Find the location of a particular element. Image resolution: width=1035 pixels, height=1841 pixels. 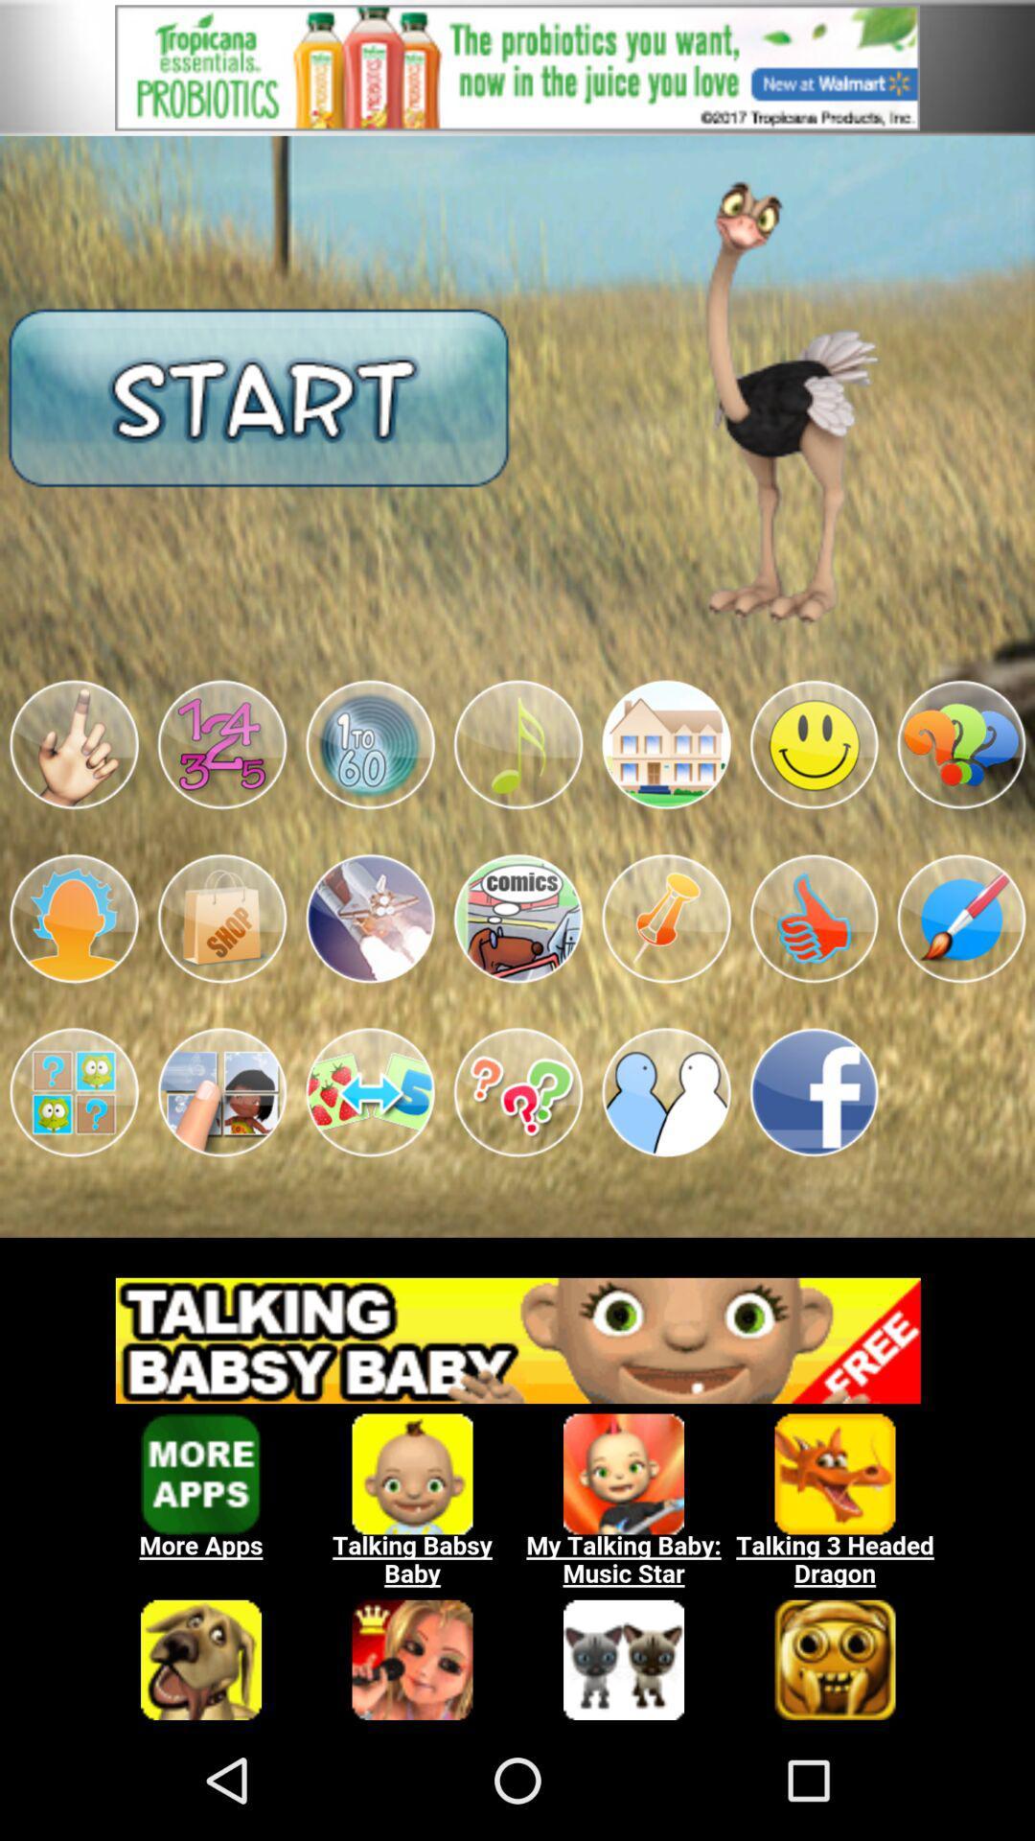

choose icon with numbers 12345 is located at coordinates (220, 744).